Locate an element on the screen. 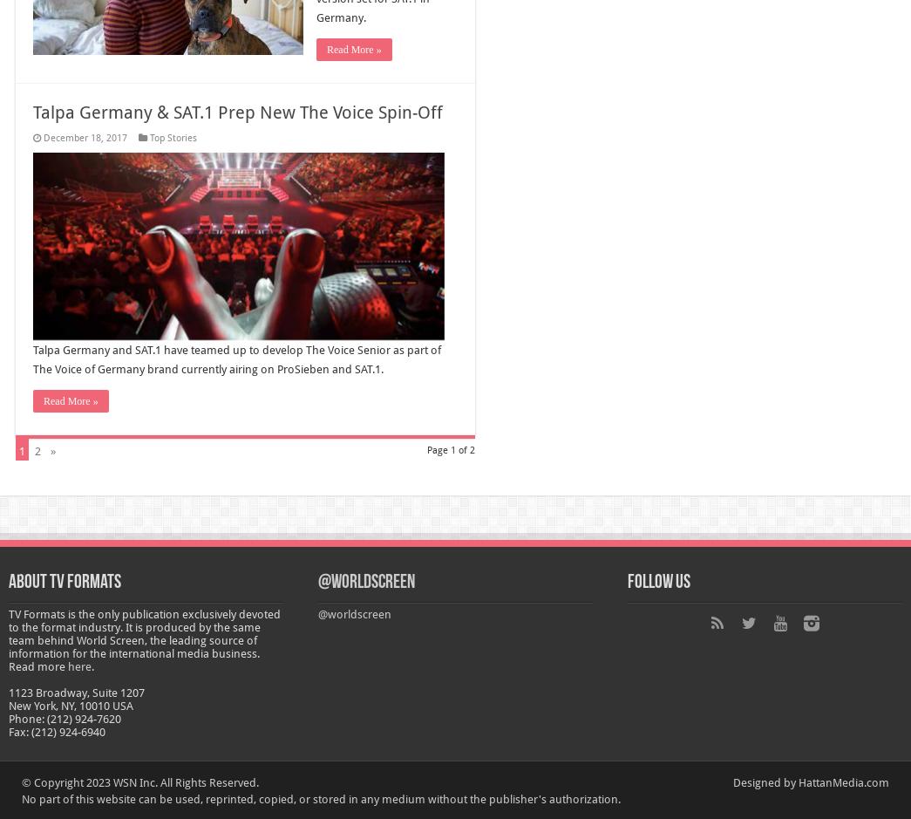  'HattanMedia.com' is located at coordinates (842, 781).